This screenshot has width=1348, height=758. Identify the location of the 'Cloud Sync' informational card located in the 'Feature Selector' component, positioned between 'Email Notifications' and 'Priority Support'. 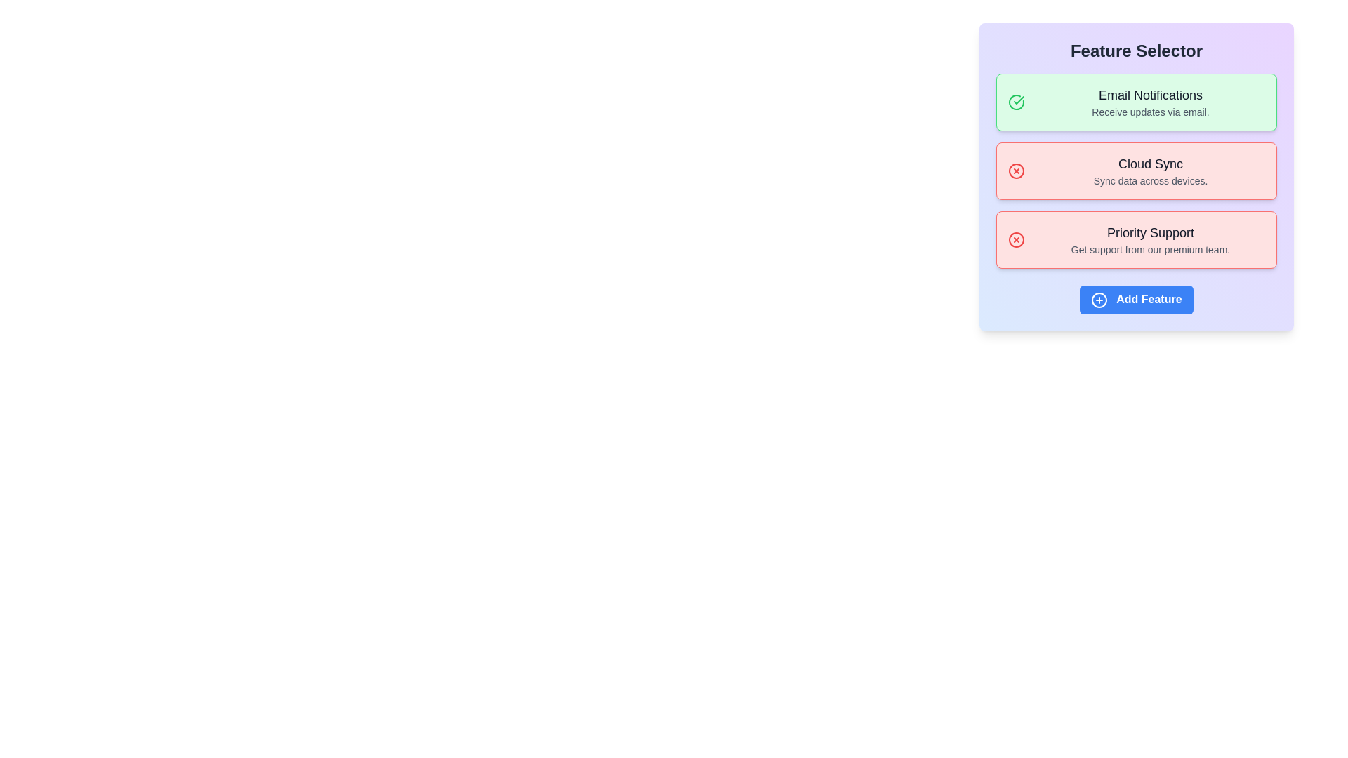
(1136, 170).